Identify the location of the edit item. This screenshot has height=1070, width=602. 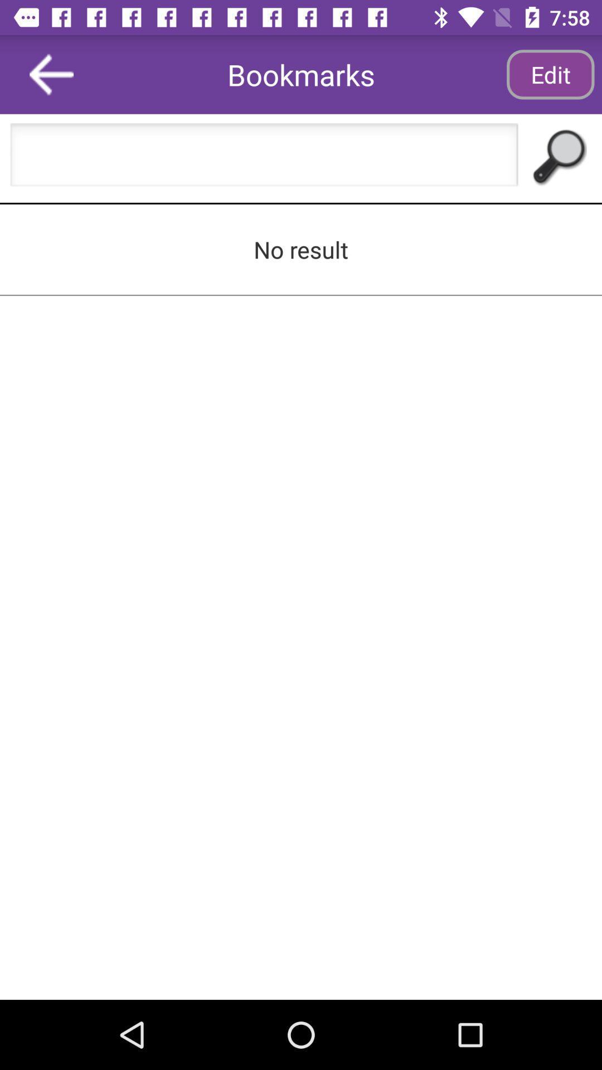
(550, 74).